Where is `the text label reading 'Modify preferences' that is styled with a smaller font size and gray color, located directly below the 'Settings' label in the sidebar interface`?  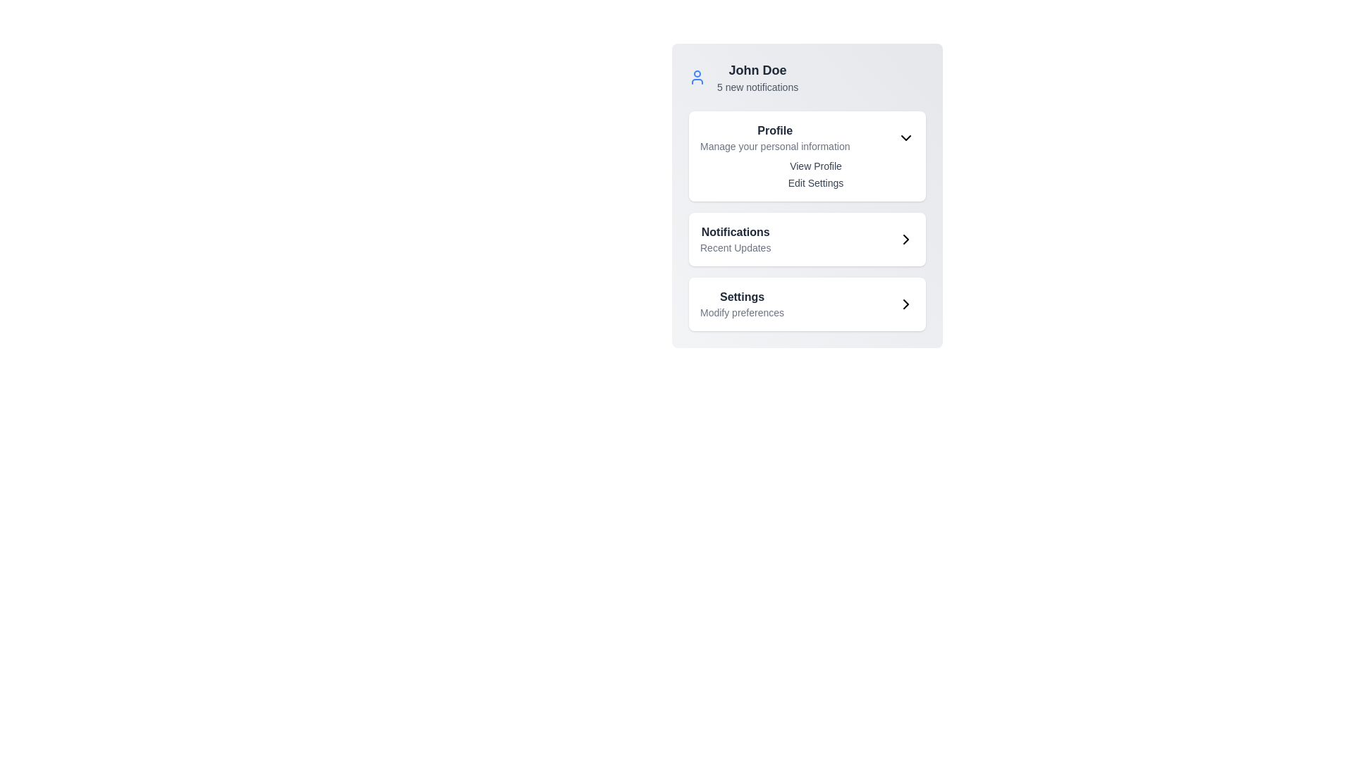 the text label reading 'Modify preferences' that is styled with a smaller font size and gray color, located directly below the 'Settings' label in the sidebar interface is located at coordinates (741, 311).